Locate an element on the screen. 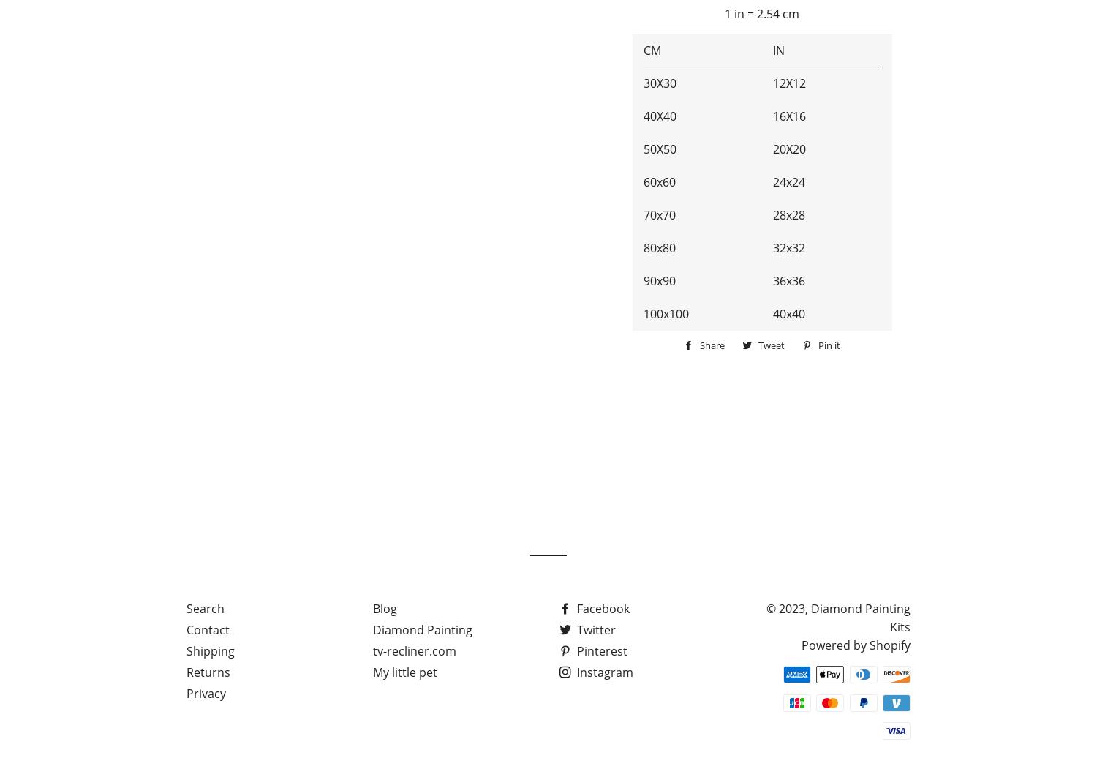 Image resolution: width=1097 pixels, height=769 pixels. '24x24' is located at coordinates (788, 181).